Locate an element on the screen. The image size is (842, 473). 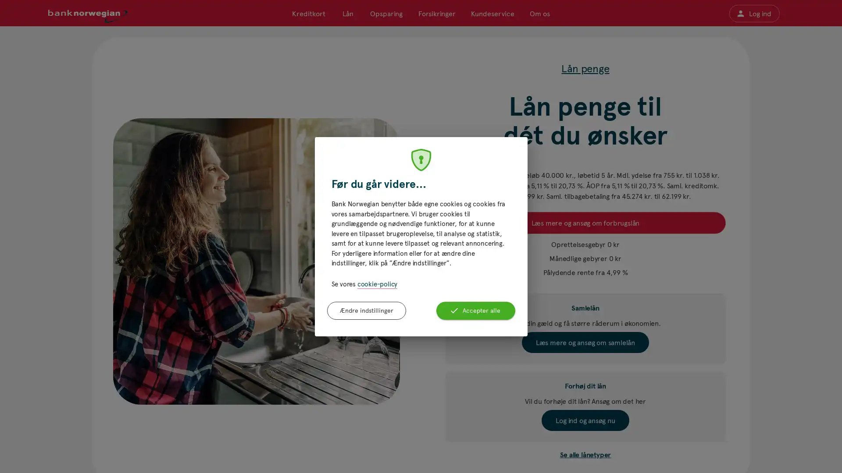
Log ind is located at coordinates (753, 13).